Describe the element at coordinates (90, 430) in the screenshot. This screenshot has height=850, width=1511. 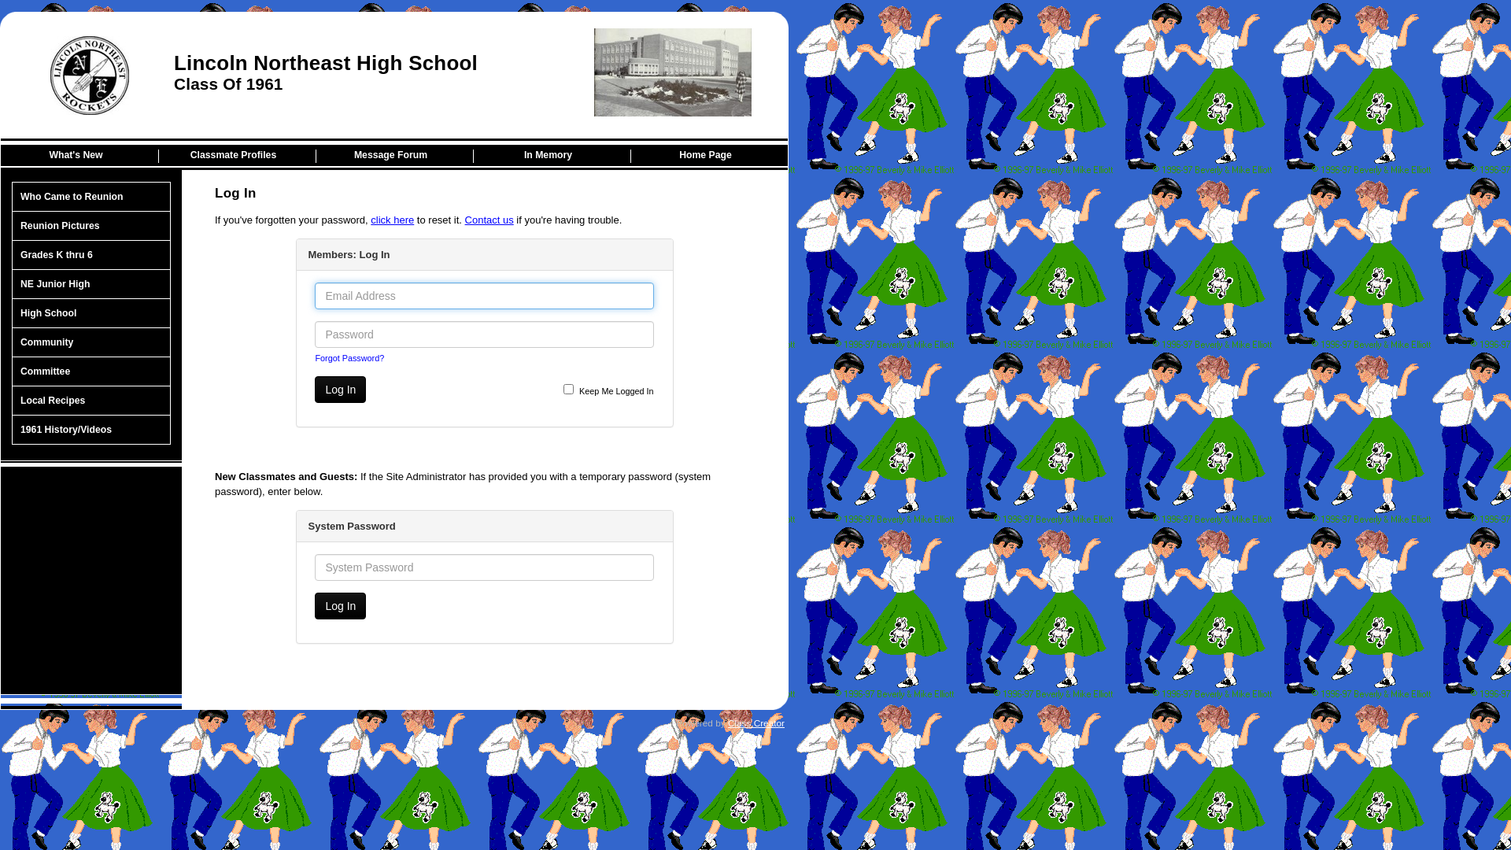
I see `'1961 History/Videos'` at that location.